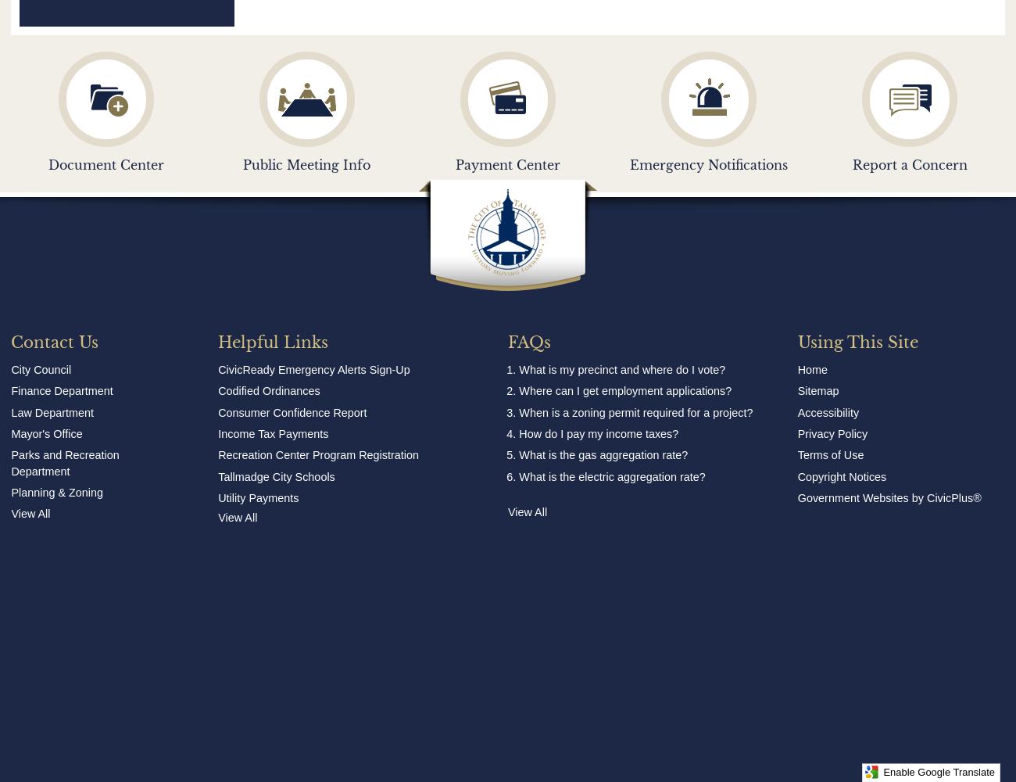 This screenshot has height=782, width=1016. Describe the element at coordinates (518, 475) in the screenshot. I see `'What is the electric aggregation rate?'` at that location.